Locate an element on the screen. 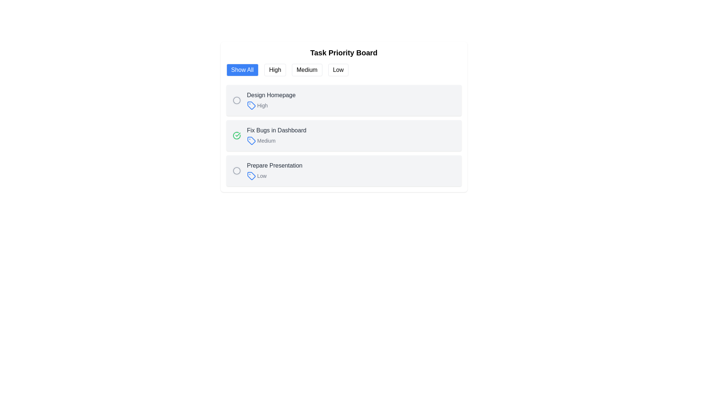 Image resolution: width=705 pixels, height=396 pixels. the green circular checkbox icon on the left of the task 'Fix Bugs in Dashboard' to mark it as done is located at coordinates (269, 136).